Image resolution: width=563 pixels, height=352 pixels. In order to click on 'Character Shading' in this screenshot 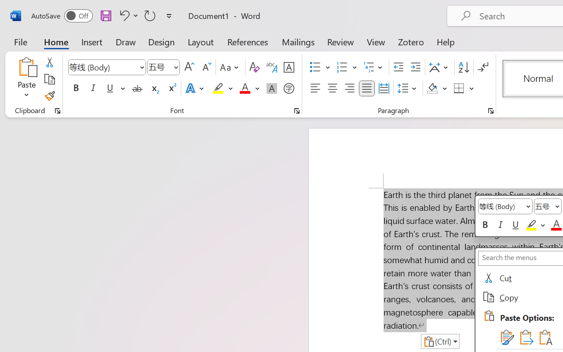, I will do `click(271, 88)`.